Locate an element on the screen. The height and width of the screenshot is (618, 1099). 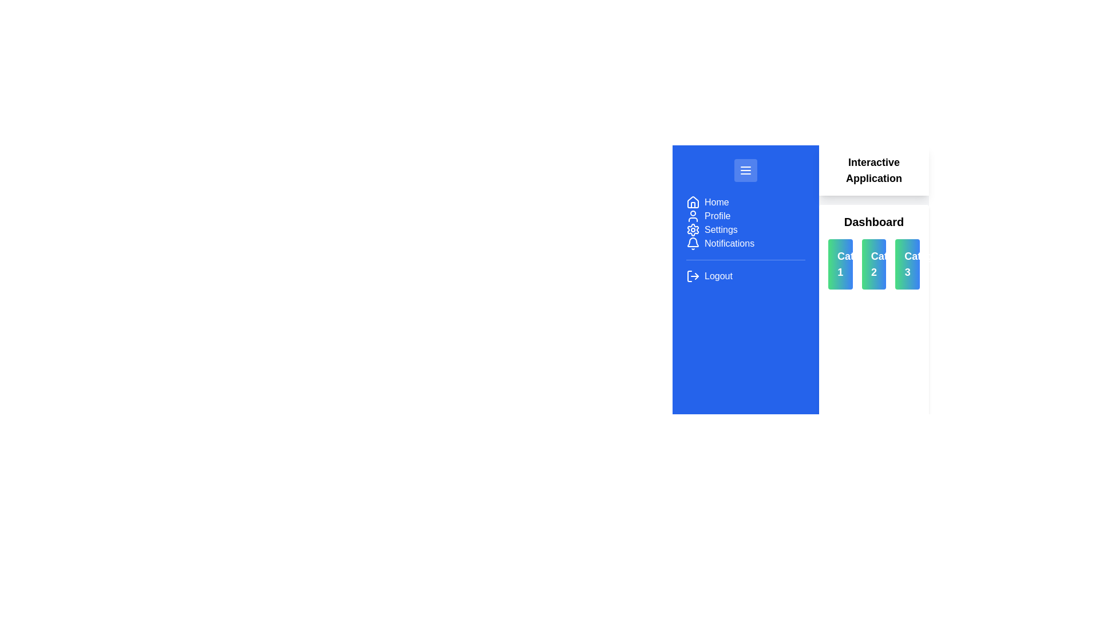
the gear icon in the sidebar menu that represents the Settings section of the application interface, serving as a thematic marker for associated elements is located at coordinates (692, 229).